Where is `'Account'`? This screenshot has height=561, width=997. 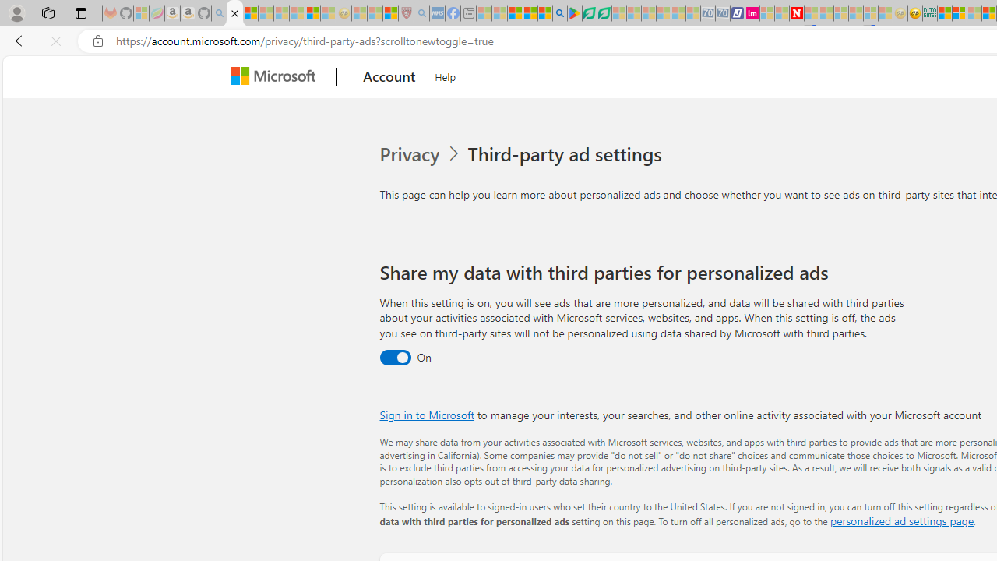 'Account' is located at coordinates (389, 77).